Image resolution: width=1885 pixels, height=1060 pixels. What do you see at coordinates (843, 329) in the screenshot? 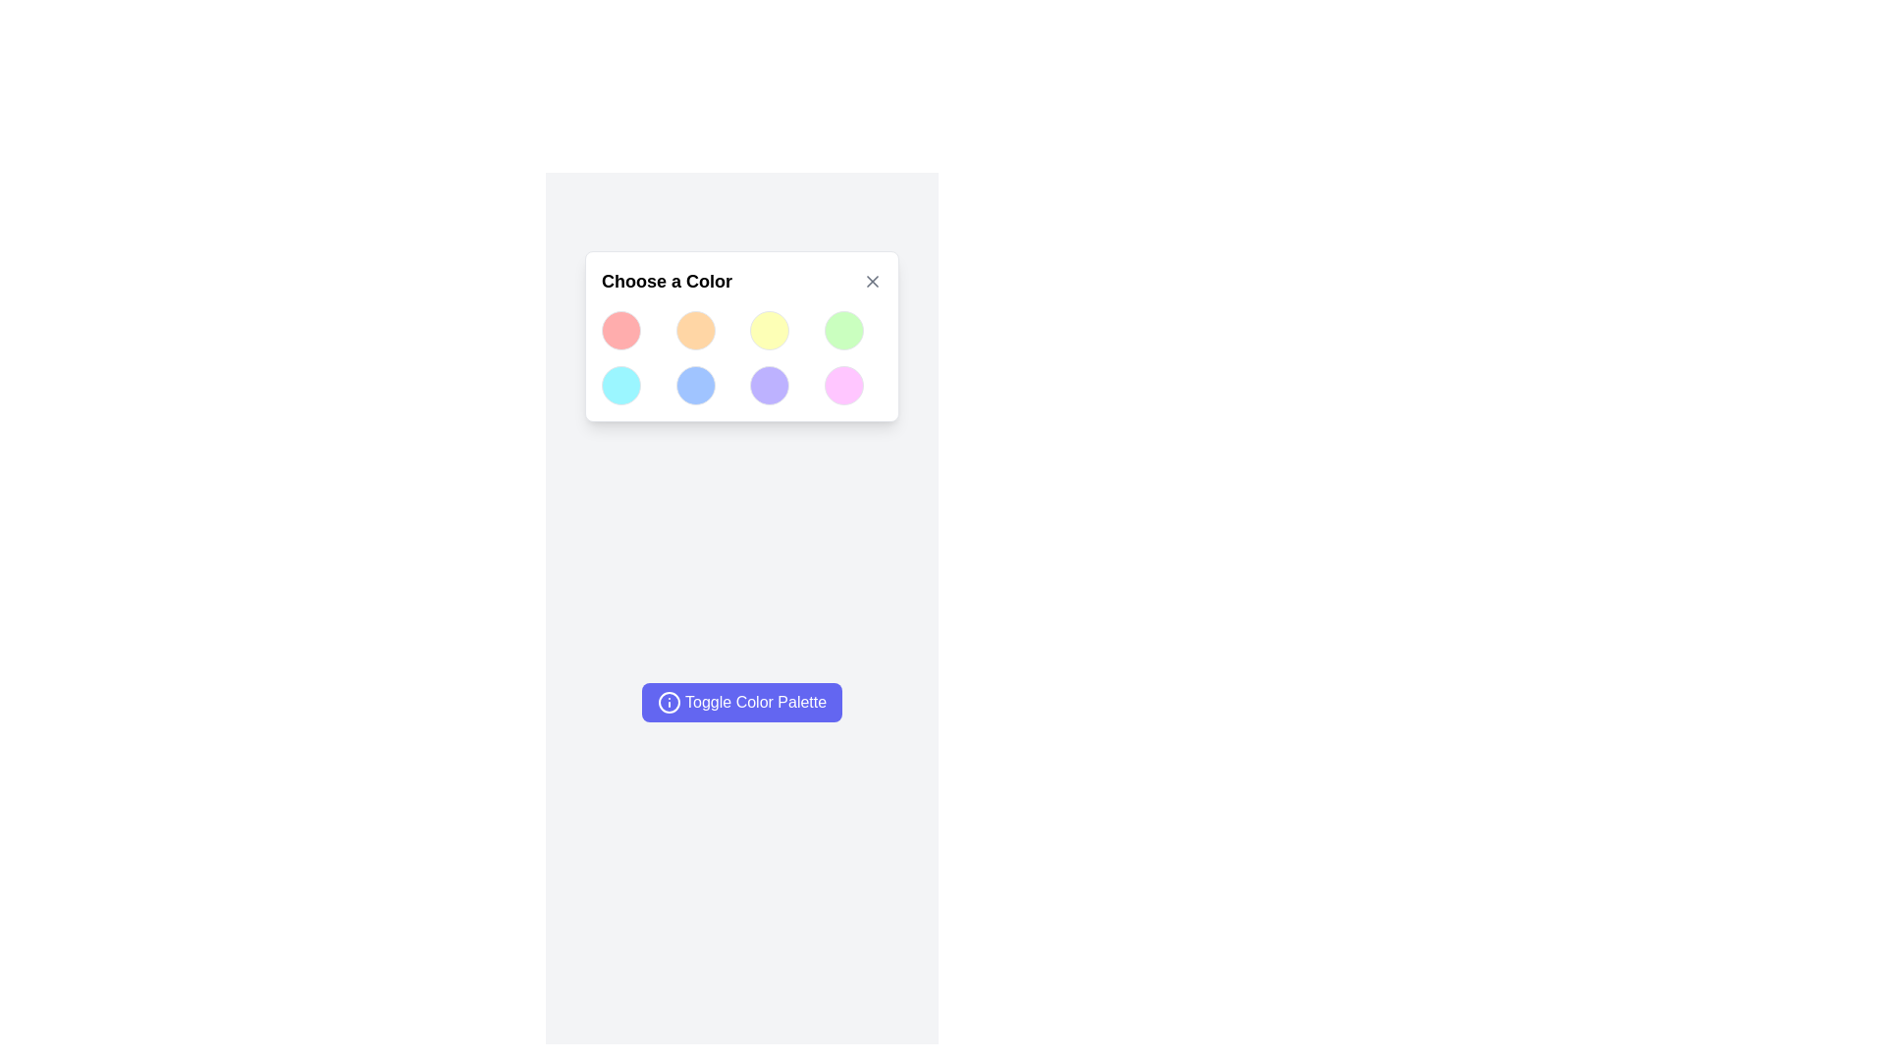
I see `the interactive circular button for light green color selection located in the top-right corner of a 4x2 grid layout` at bounding box center [843, 329].